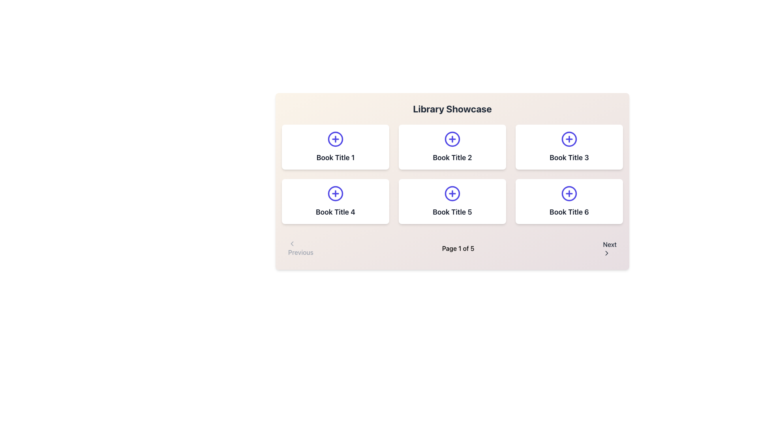 This screenshot has height=426, width=758. What do you see at coordinates (606, 253) in the screenshot?
I see `the right chevron icon located at the bottom right corner of the interface` at bounding box center [606, 253].